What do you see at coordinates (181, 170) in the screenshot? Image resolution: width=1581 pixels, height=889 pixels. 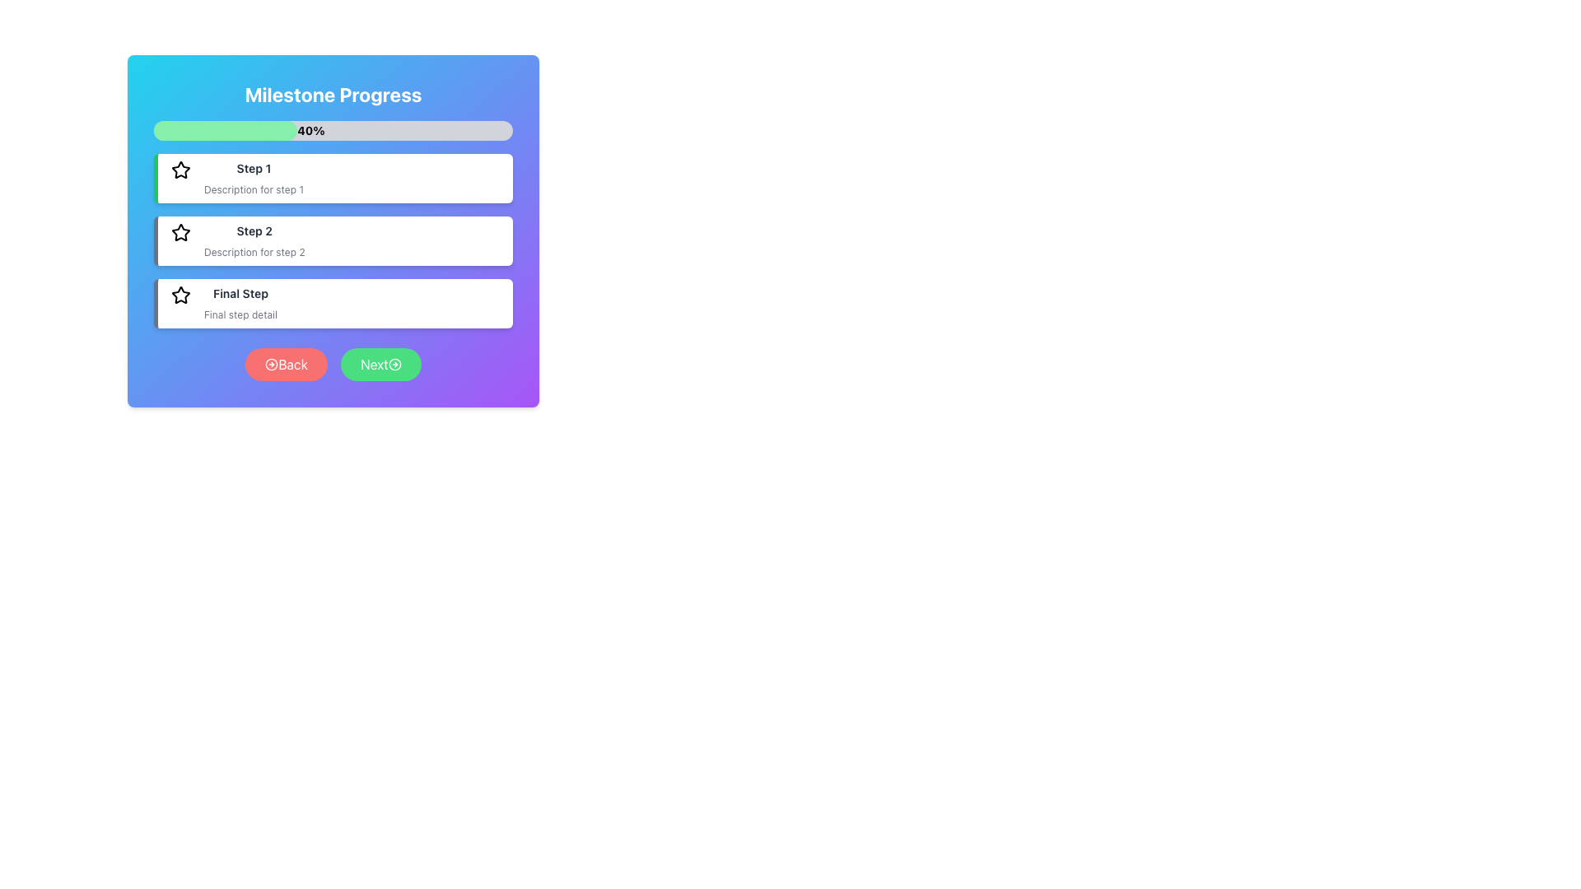 I see `the star icon representing the active status of 'Step 1' in the sequence list` at bounding box center [181, 170].